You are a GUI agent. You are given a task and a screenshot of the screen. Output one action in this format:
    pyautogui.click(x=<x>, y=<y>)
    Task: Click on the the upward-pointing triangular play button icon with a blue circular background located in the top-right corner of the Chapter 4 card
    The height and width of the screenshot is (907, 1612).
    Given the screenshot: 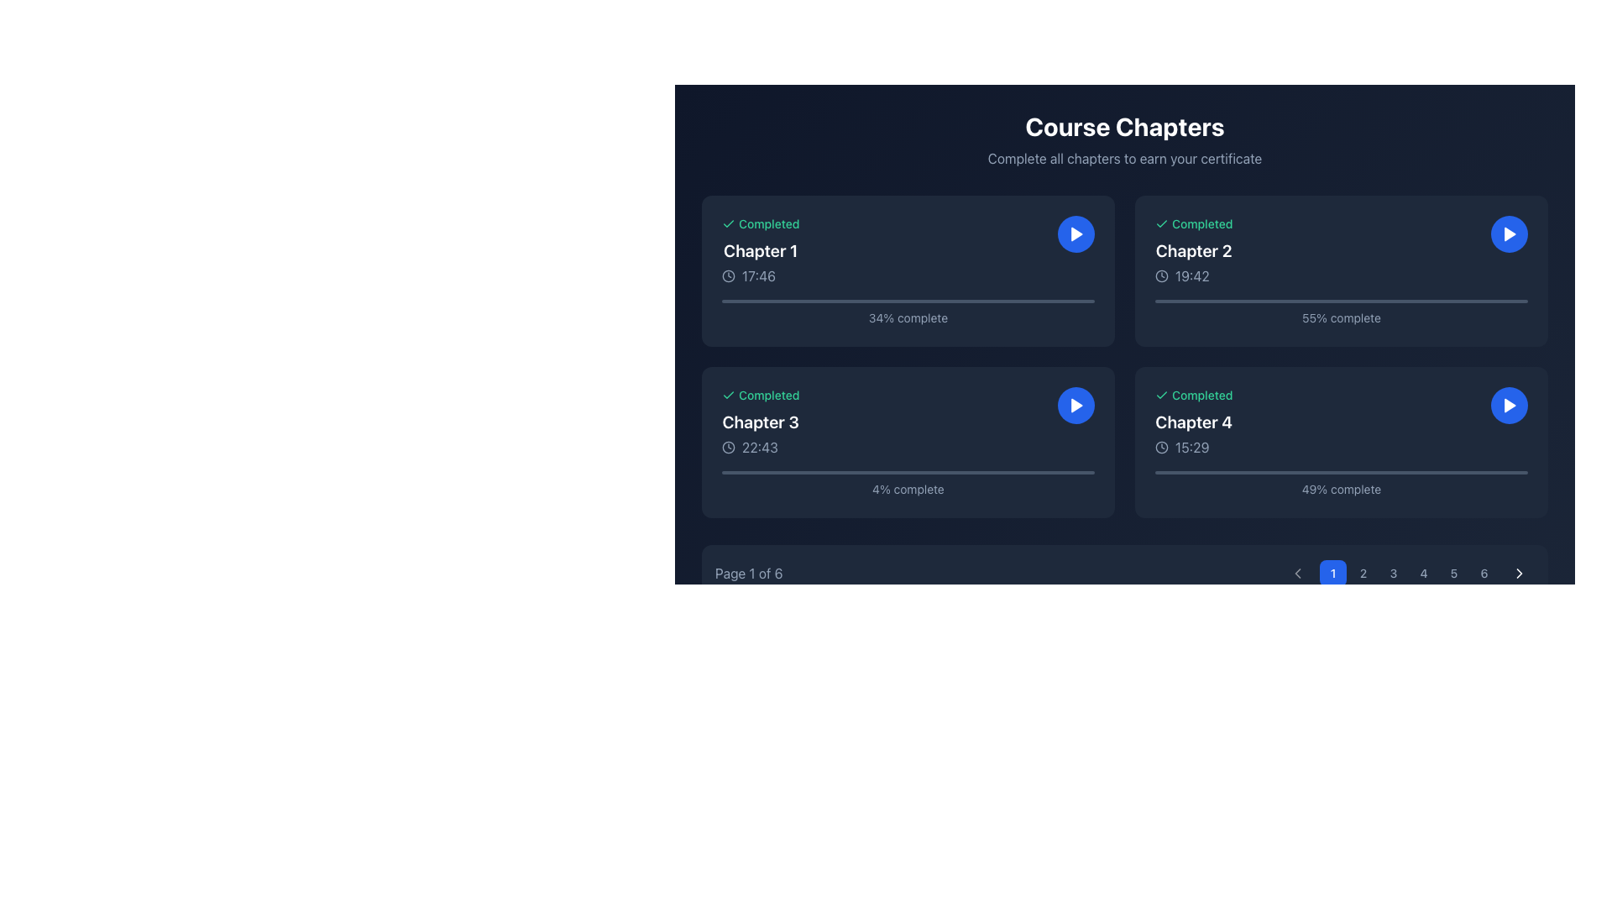 What is the action you would take?
    pyautogui.click(x=1510, y=405)
    